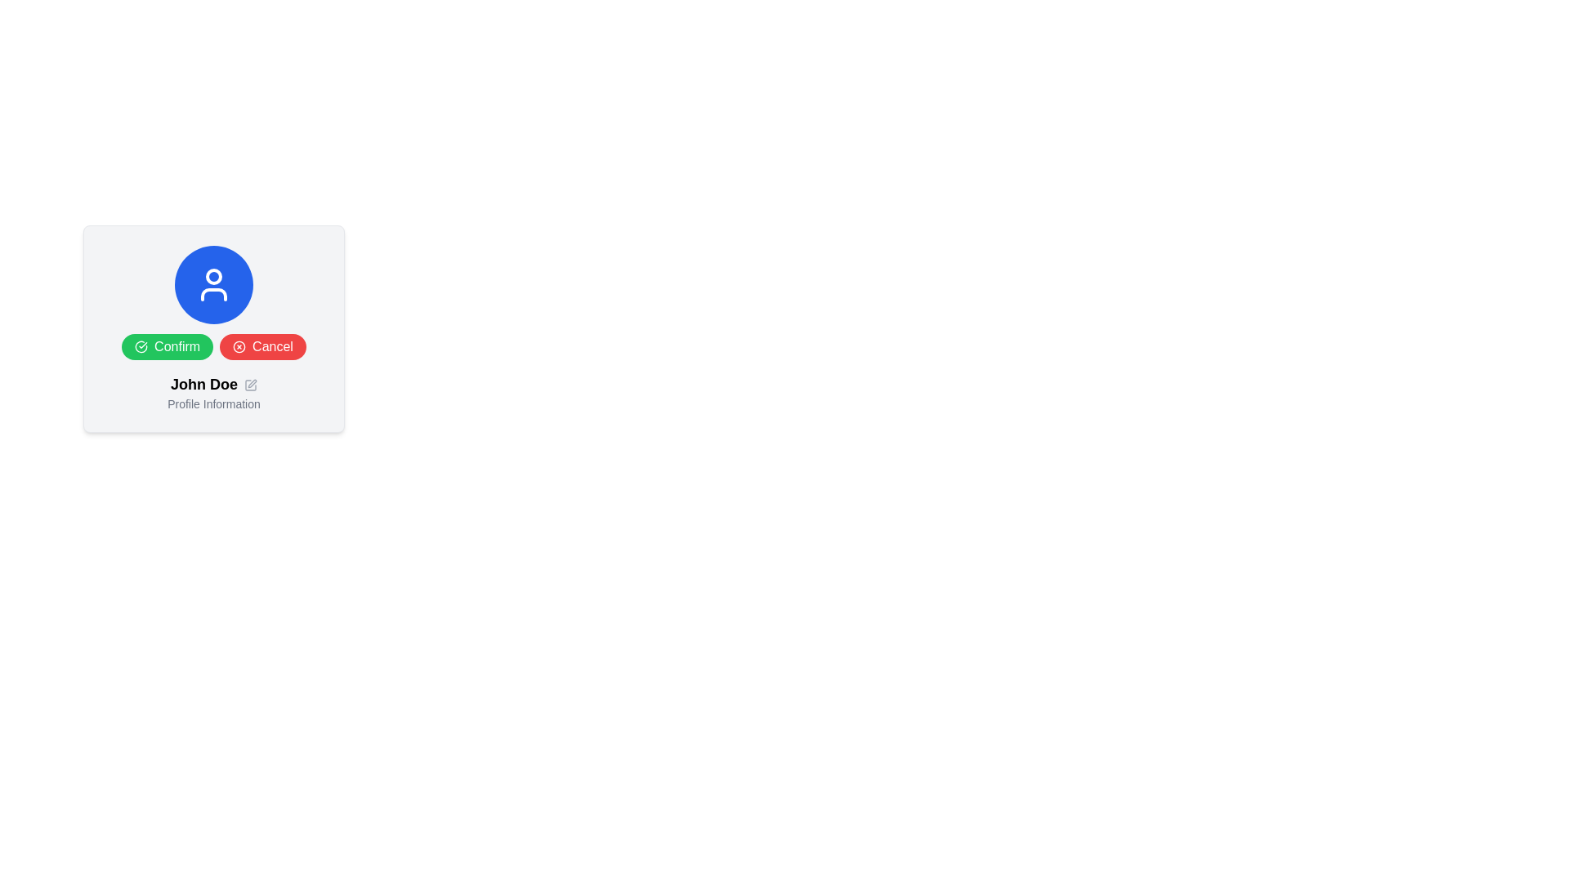 This screenshot has height=882, width=1569. I want to click on the circular user icon with a white head-and-shoulders symbol on a blue background, located near the top center of the UI panel, so click(213, 283).